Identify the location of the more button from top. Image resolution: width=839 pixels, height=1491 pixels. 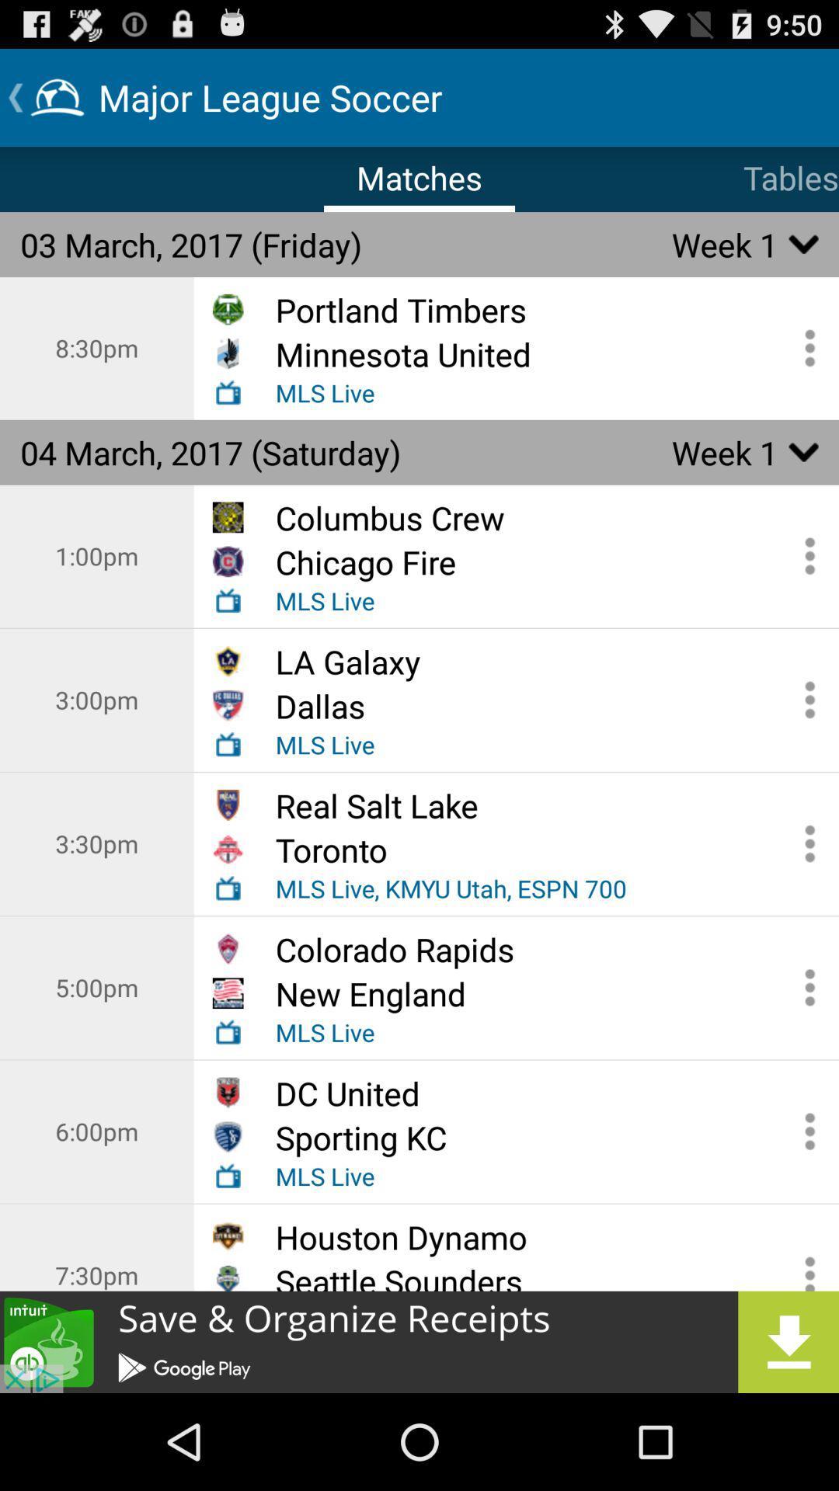
(804, 987).